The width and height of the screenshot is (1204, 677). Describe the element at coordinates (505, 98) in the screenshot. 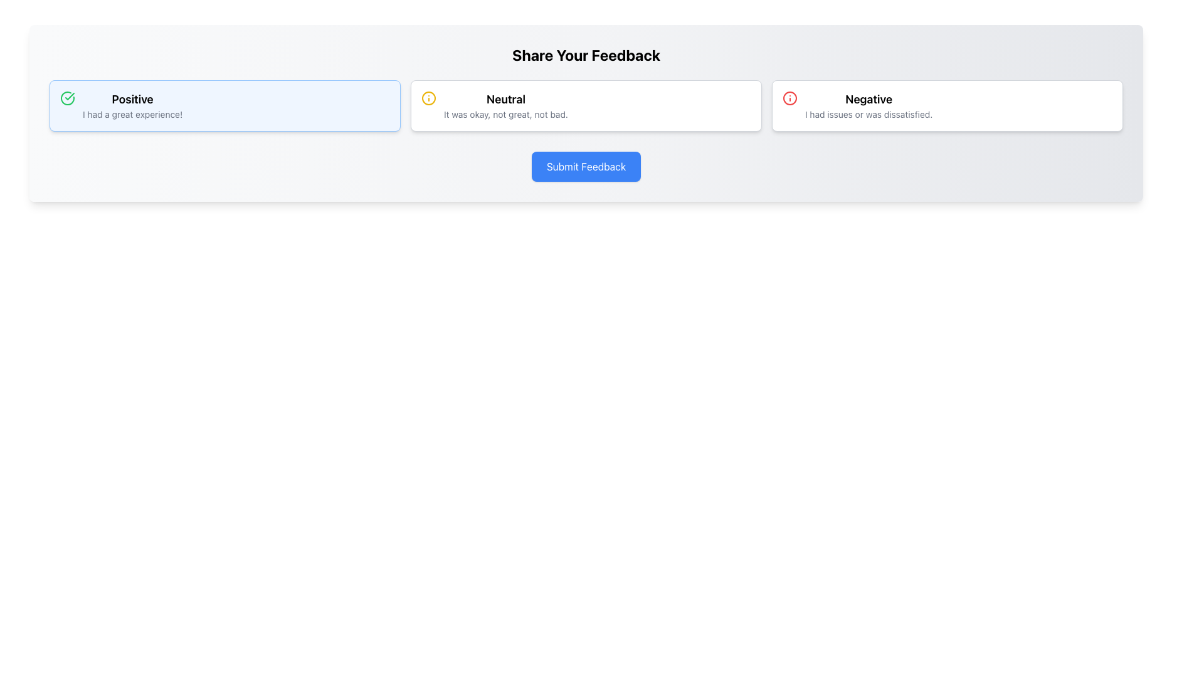

I see `the bolded text label displaying the word 'Neutral' at the center-top of the 'Neutral' feedback card` at that location.